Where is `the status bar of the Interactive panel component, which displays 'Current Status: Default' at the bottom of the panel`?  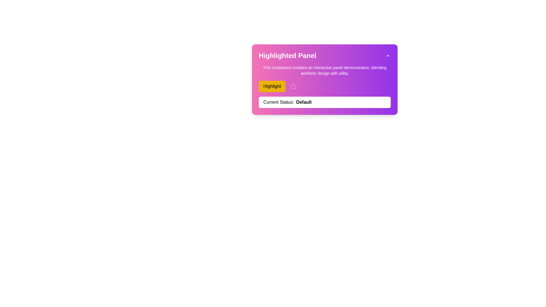
the status bar of the Interactive panel component, which displays 'Current Status: Default' at the bottom of the panel is located at coordinates (325, 101).